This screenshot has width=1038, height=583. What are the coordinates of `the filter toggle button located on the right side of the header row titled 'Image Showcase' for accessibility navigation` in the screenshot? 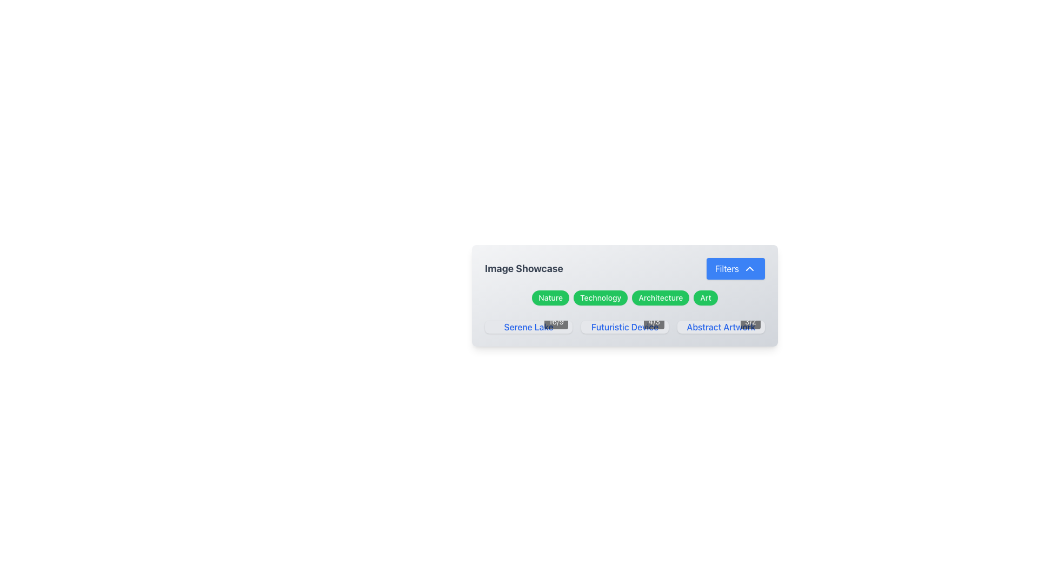 It's located at (735, 268).